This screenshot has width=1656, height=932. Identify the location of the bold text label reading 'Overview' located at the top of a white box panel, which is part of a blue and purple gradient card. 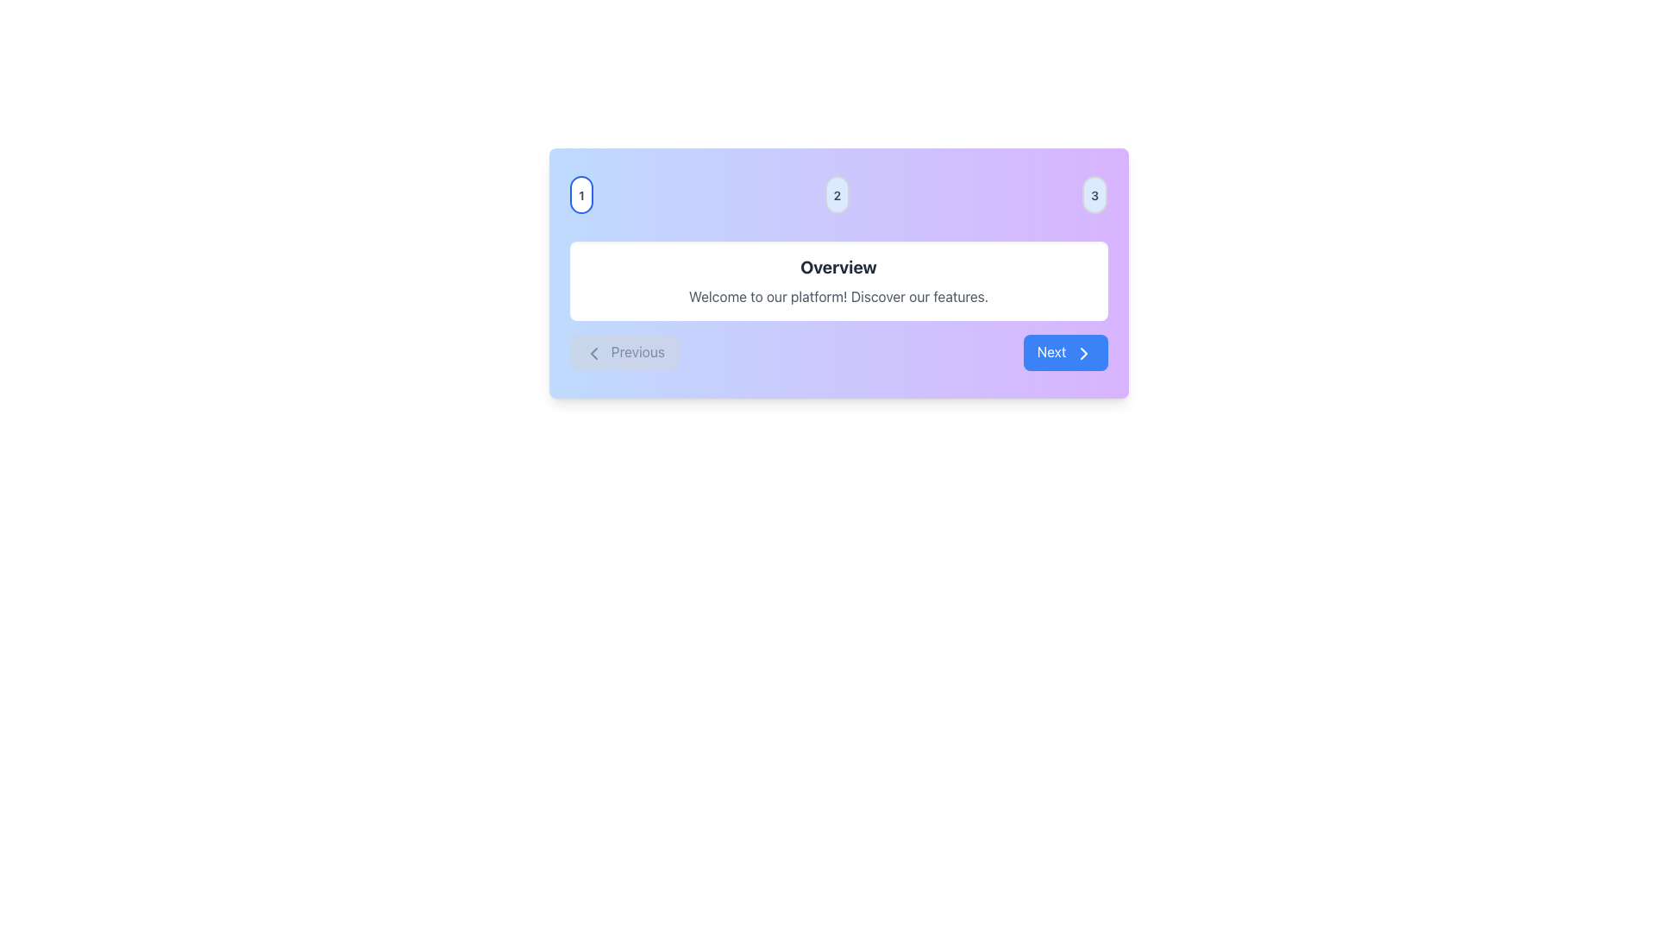
(838, 267).